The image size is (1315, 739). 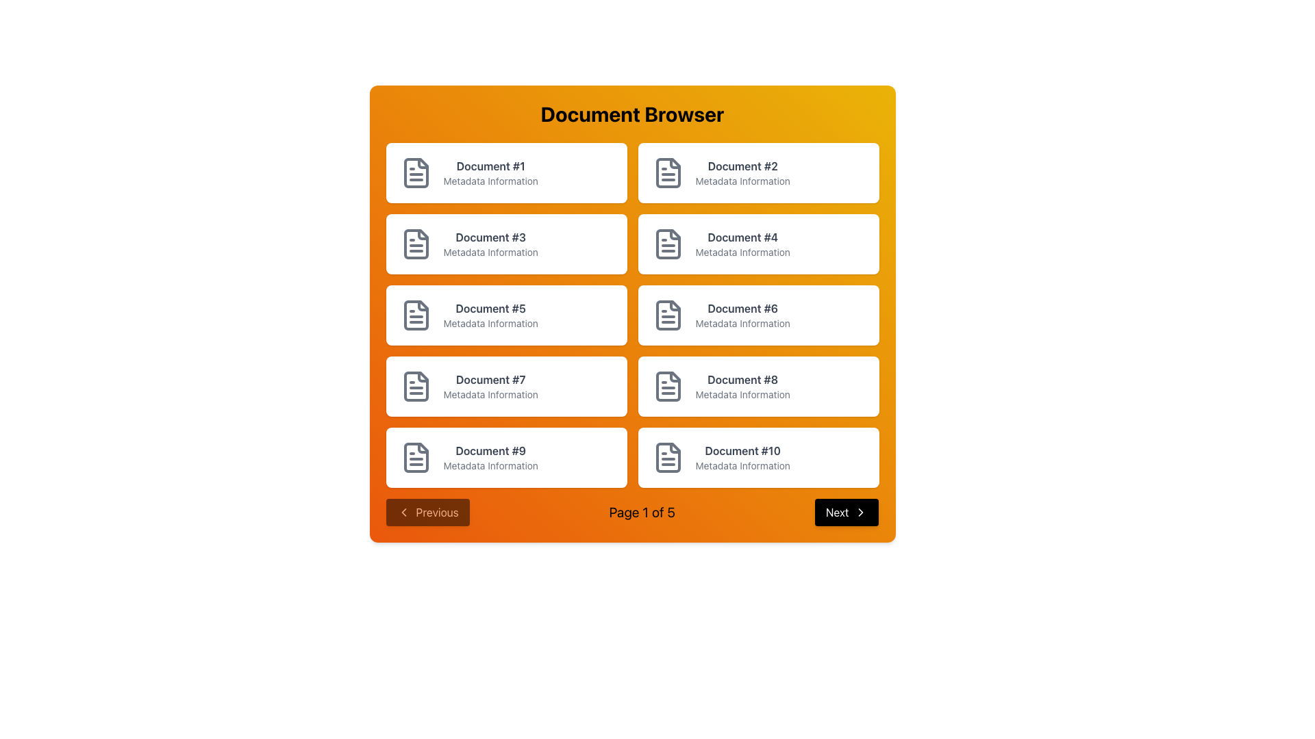 What do you see at coordinates (742, 166) in the screenshot?
I see `the text label styled with a bold font in dark gray that displays 'Document #2', located in the second document entry of the grid layout under the 'Document Browser' heading` at bounding box center [742, 166].